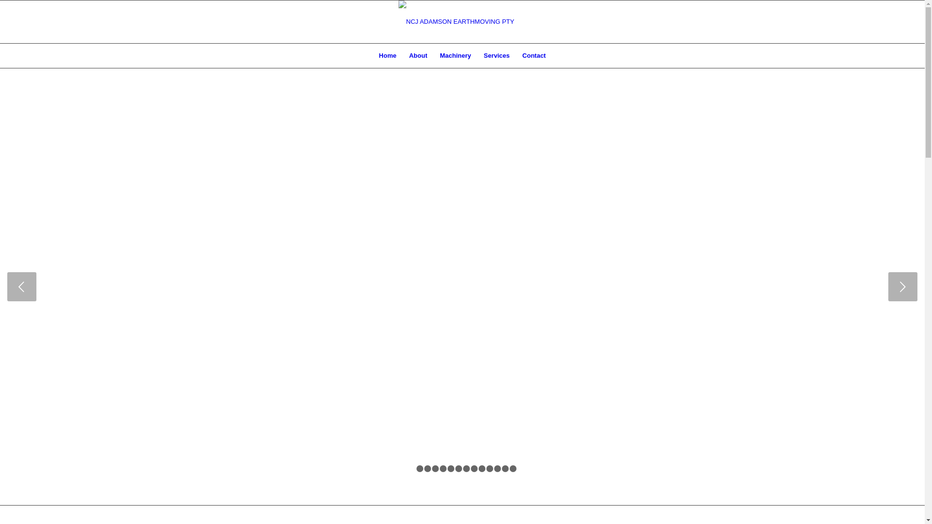 The width and height of the screenshot is (932, 524). I want to click on '13', so click(505, 468).